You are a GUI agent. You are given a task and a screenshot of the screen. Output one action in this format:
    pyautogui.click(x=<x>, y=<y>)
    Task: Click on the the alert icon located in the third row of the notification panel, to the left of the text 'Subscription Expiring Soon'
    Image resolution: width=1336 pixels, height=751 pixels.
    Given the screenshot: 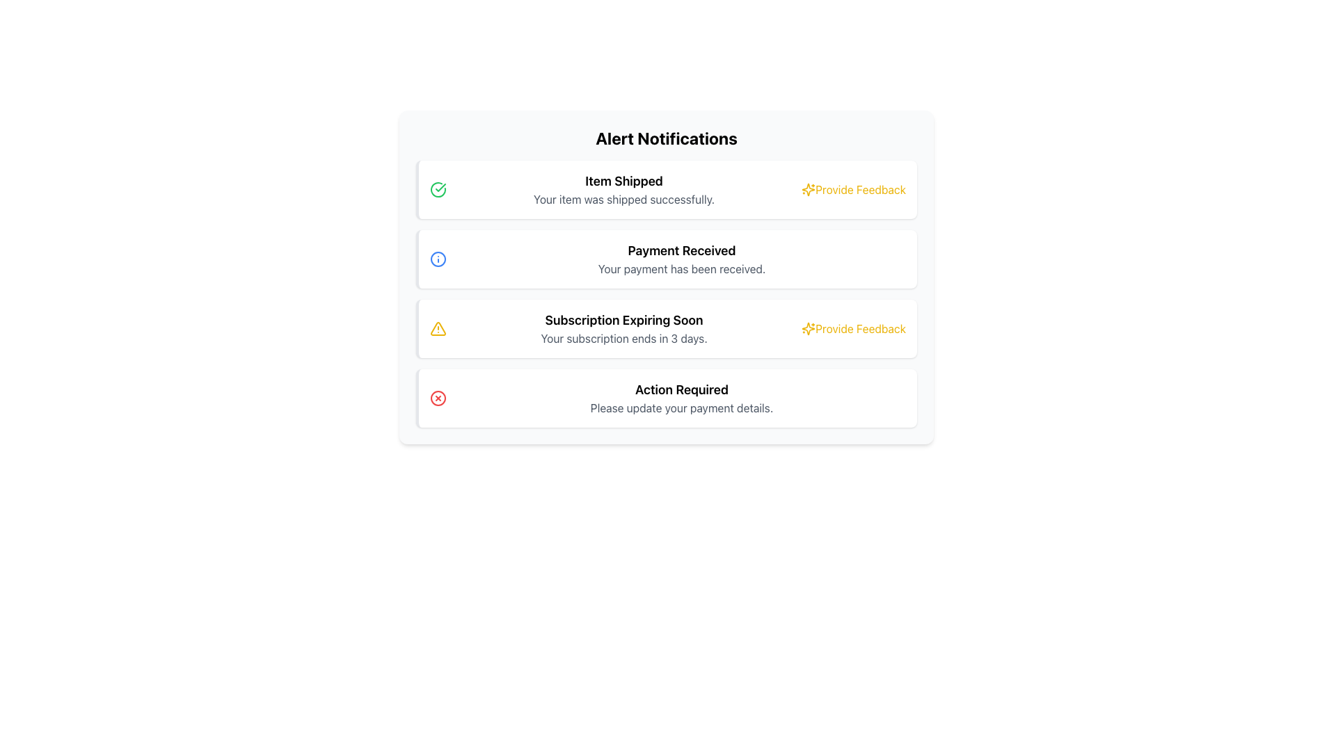 What is the action you would take?
    pyautogui.click(x=437, y=329)
    